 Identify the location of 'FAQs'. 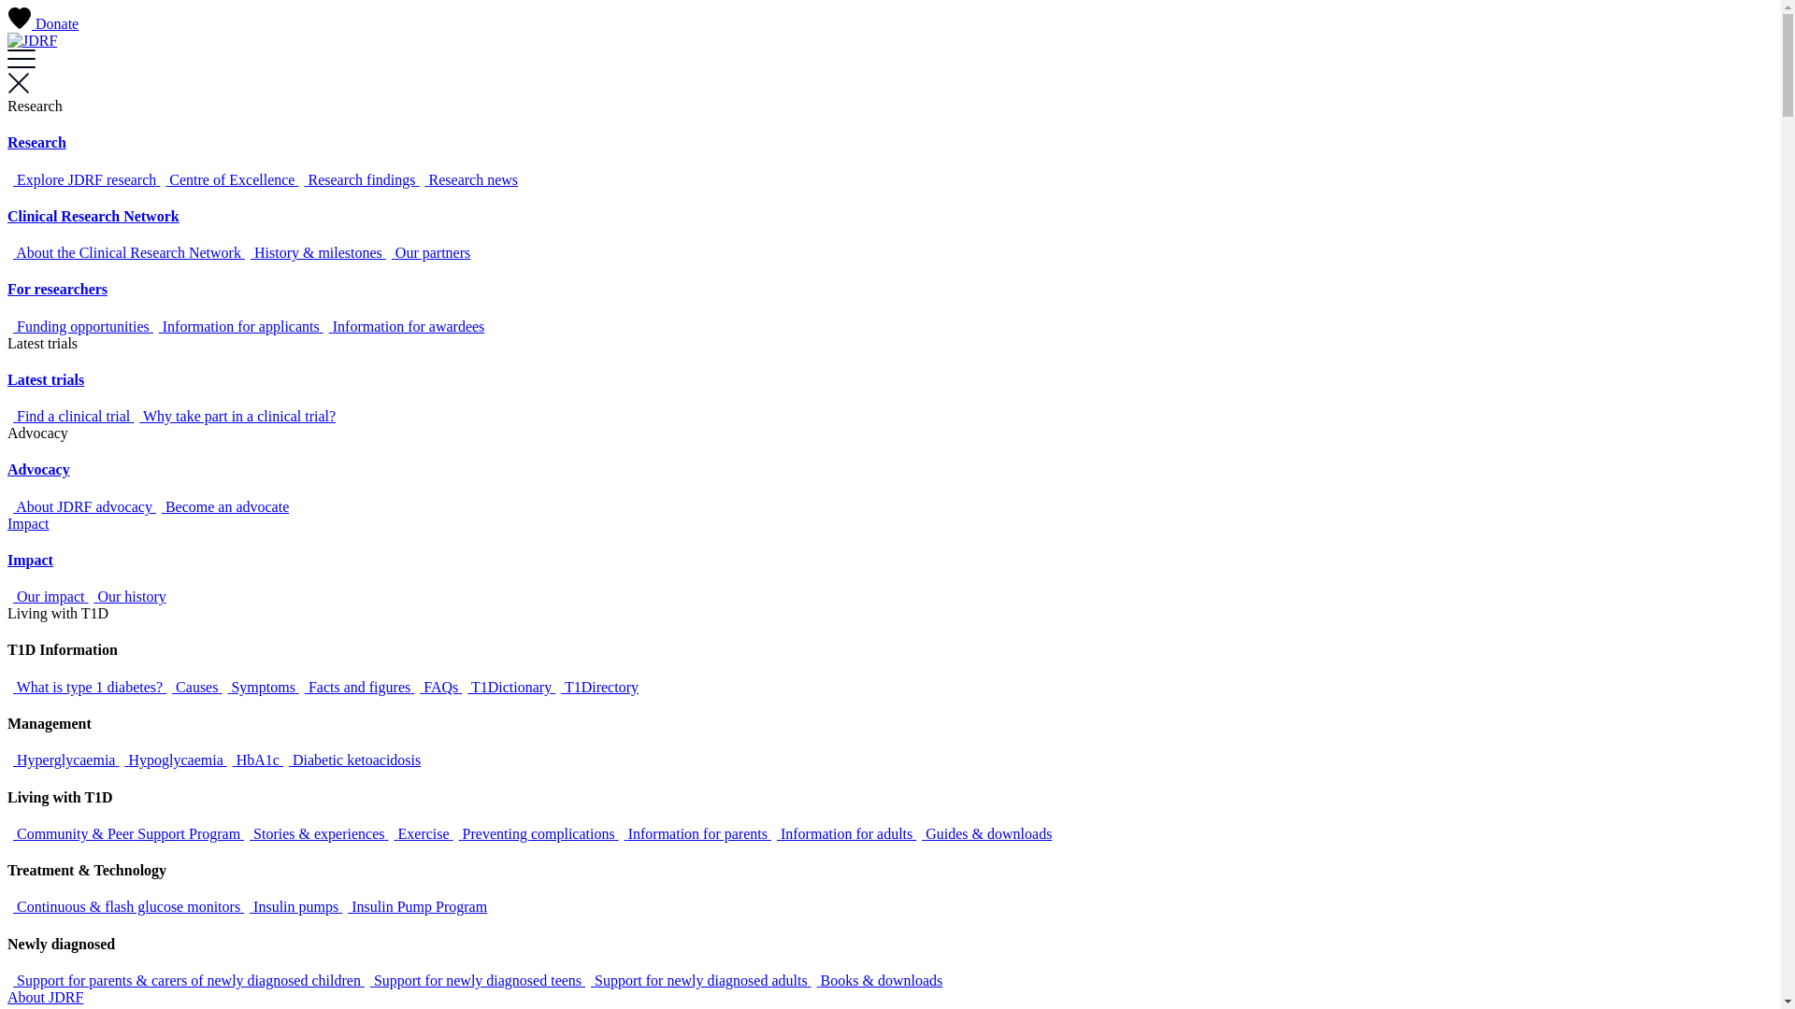
(412, 687).